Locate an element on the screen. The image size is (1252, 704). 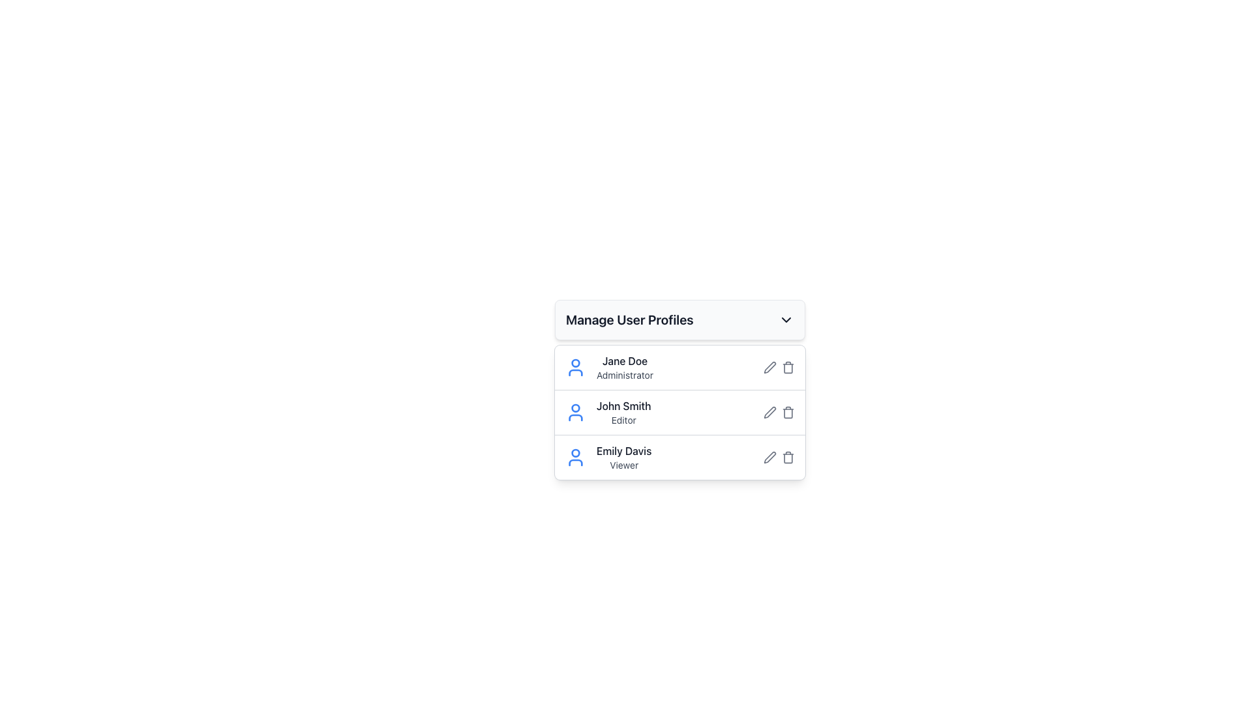
the leftmost action button in the first row of the table under 'Manage User Profiles' is located at coordinates (769, 367).